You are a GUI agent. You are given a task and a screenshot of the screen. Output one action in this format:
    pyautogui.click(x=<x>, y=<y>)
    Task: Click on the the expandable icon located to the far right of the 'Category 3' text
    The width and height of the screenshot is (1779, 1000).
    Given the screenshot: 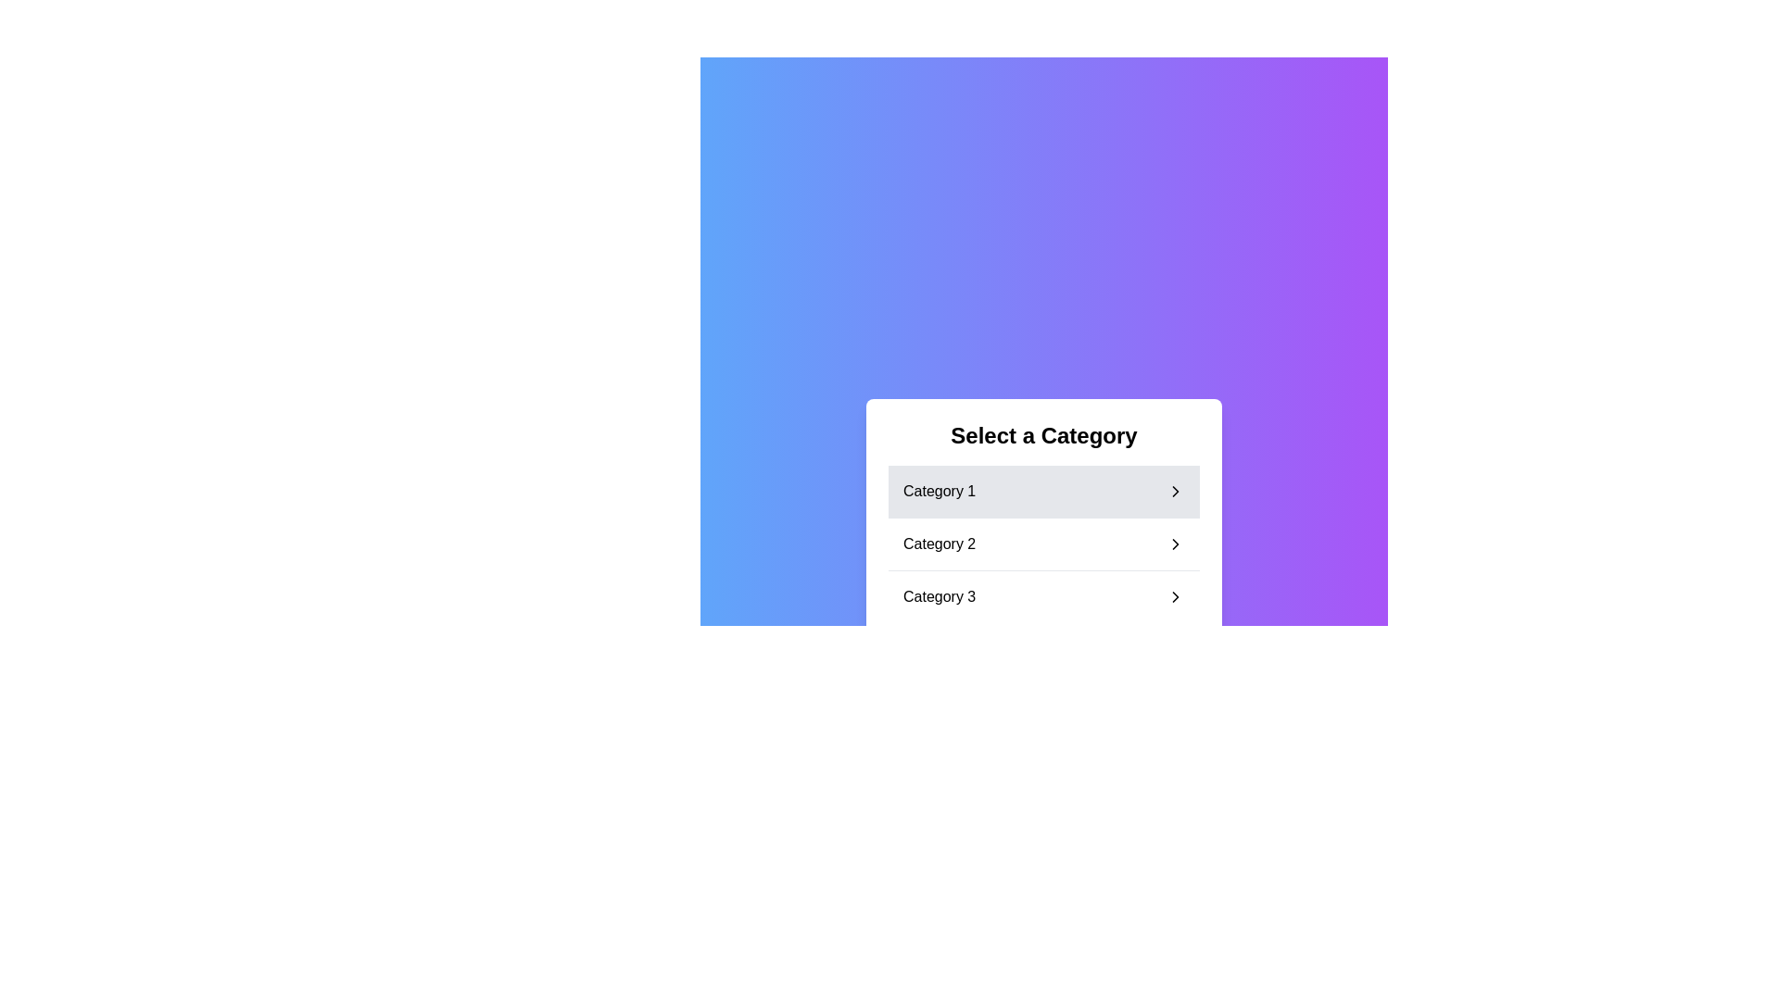 What is the action you would take?
    pyautogui.click(x=1174, y=596)
    